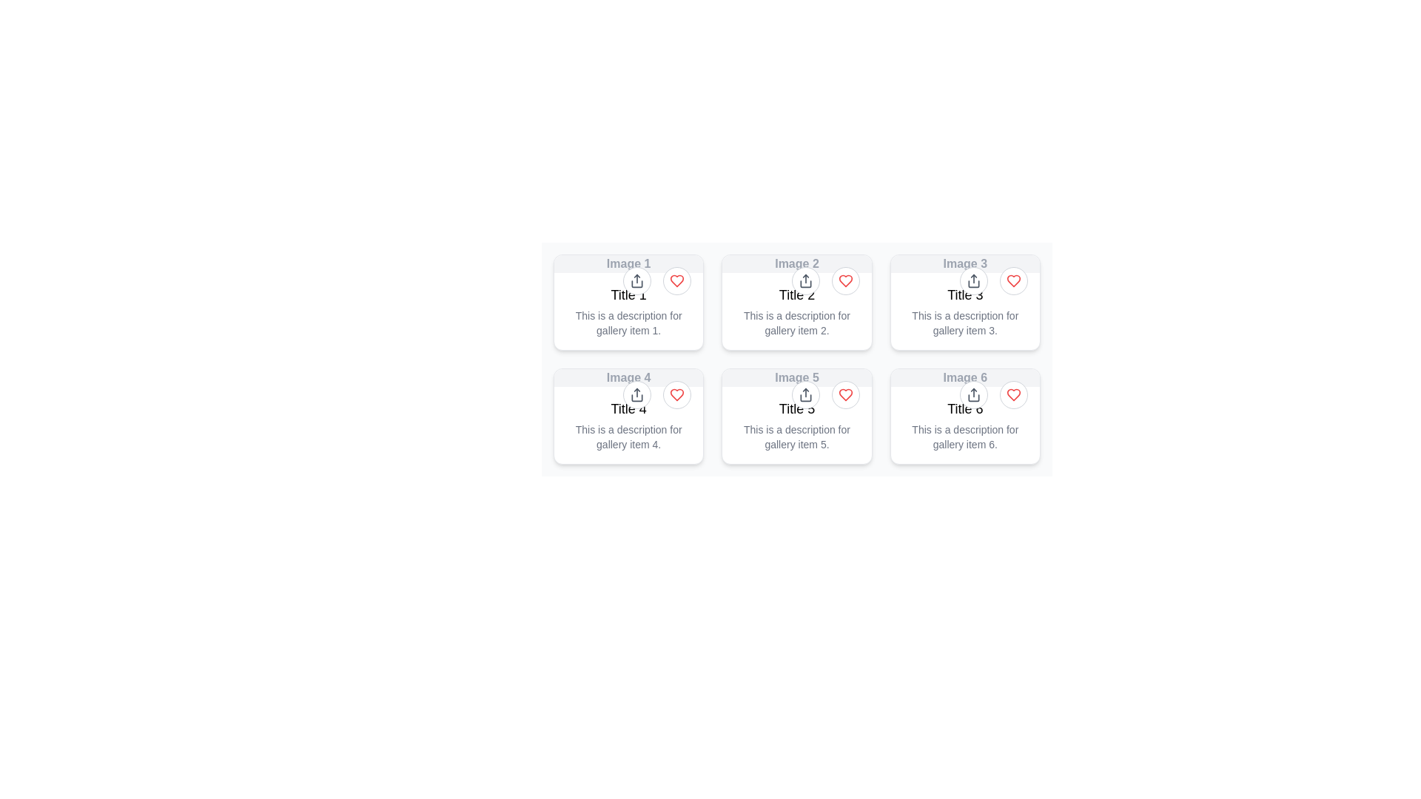  I want to click on the static text label at the top of the first card in the grid layout, which identifies the image associated with the card, so click(628, 263).